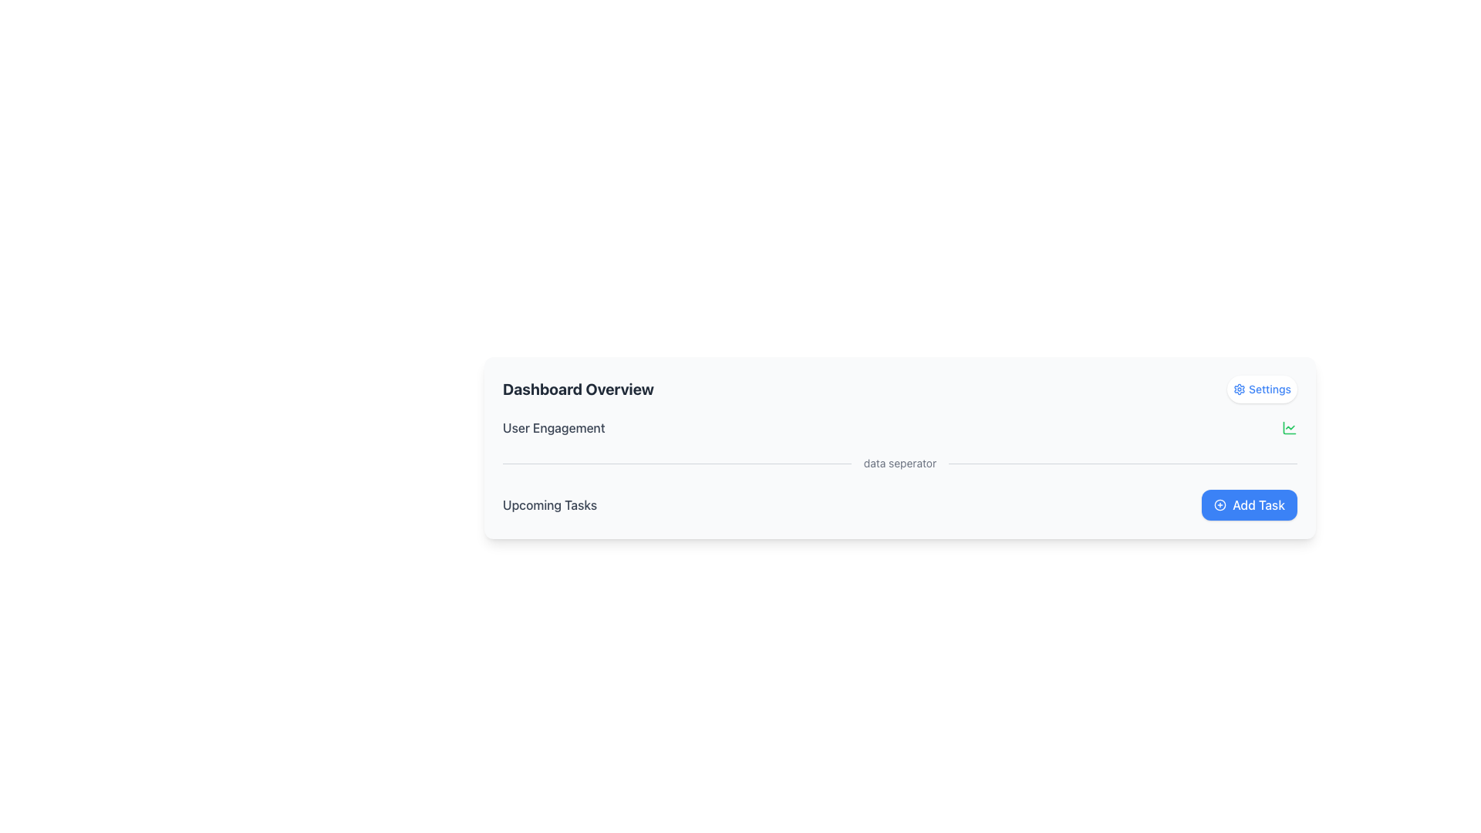 This screenshot has height=833, width=1481. What do you see at coordinates (1240, 389) in the screenshot?
I see `the gear icon in the top-right corner of the 'Dashboard Overview' card` at bounding box center [1240, 389].